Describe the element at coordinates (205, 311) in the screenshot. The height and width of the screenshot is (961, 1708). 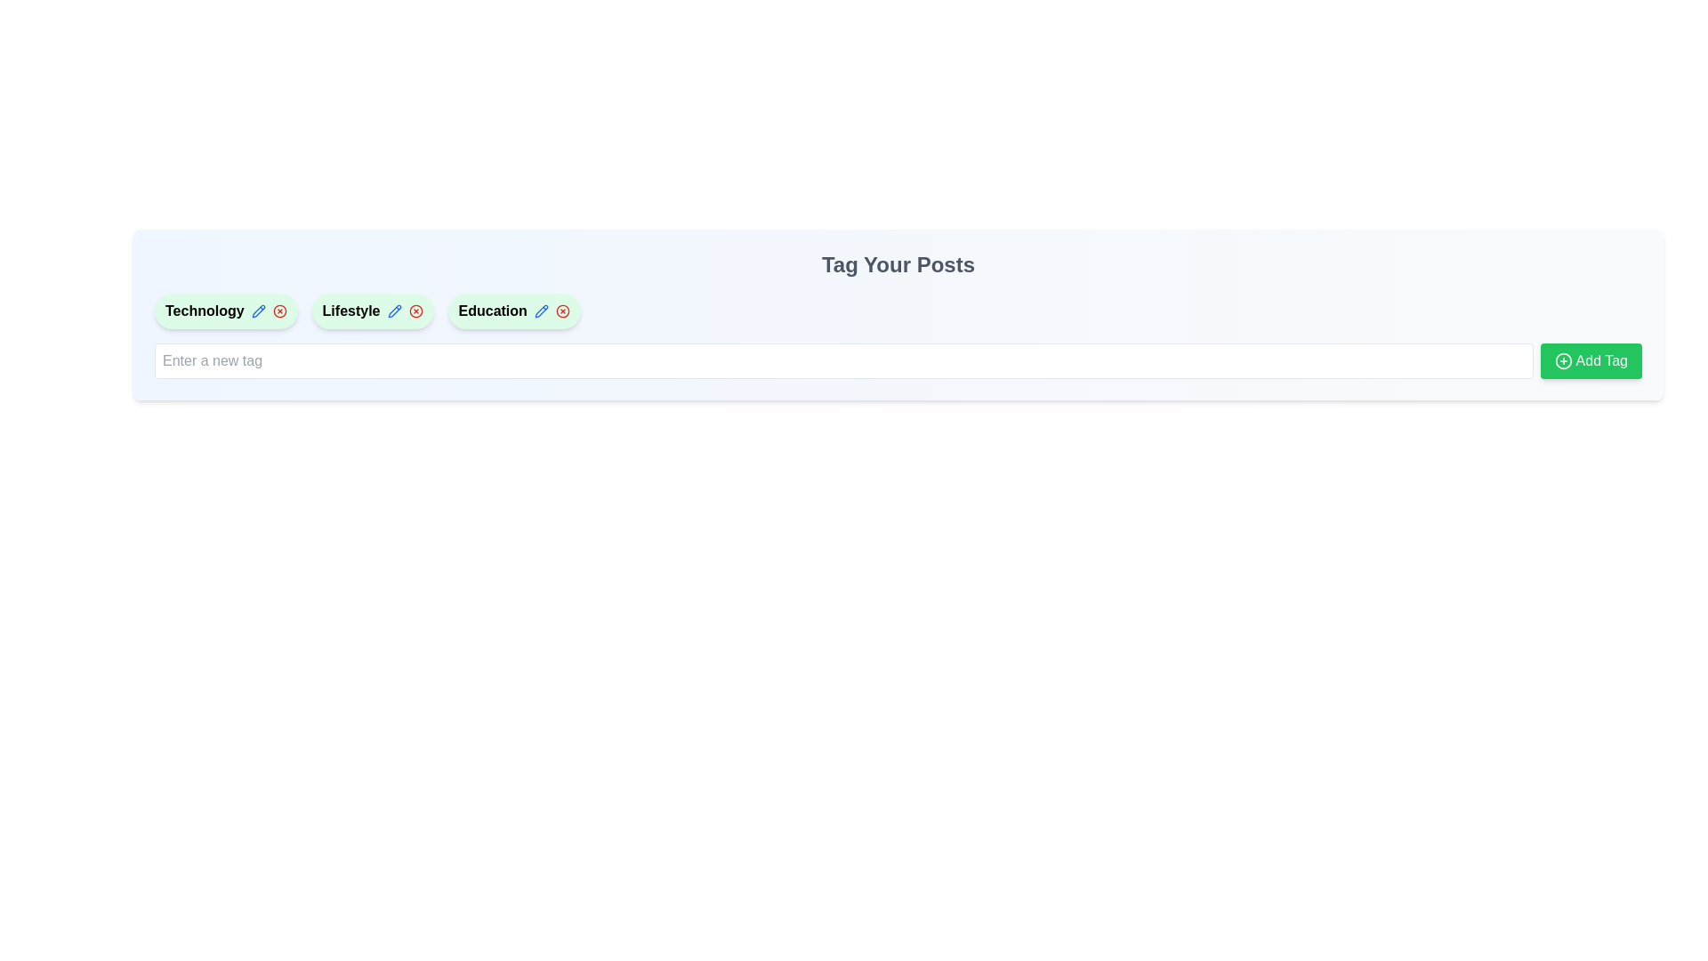
I see `the static text label 'Technology', which is the first tag among siblings in a horizontal list under the title 'Tag Your Posts'` at that location.